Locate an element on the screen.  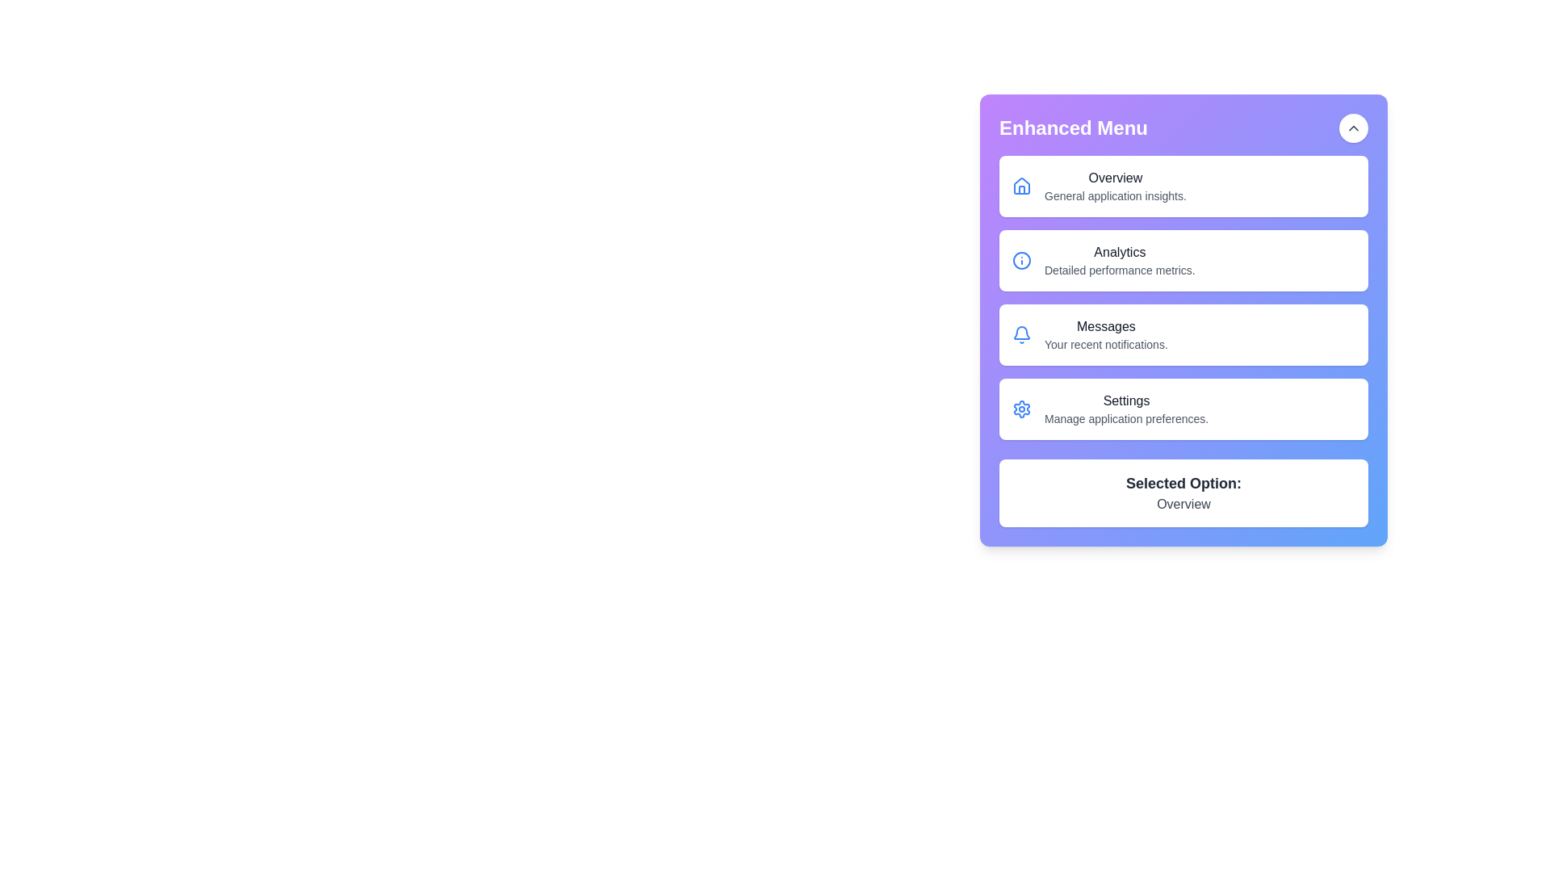
the Informational Card located at the bottom of the main menu card, which displays 'Selected Option:' and 'Overview.' is located at coordinates (1183, 492).